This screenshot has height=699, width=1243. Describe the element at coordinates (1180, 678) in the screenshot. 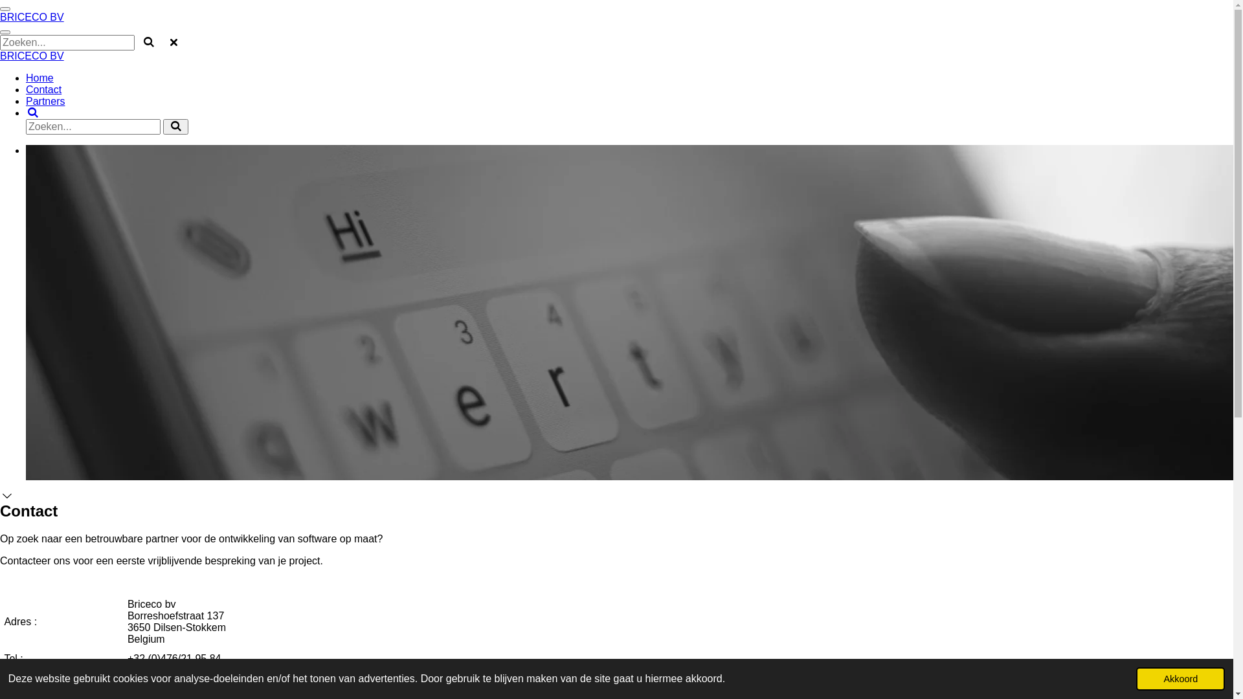

I see `'Akkoord'` at that location.